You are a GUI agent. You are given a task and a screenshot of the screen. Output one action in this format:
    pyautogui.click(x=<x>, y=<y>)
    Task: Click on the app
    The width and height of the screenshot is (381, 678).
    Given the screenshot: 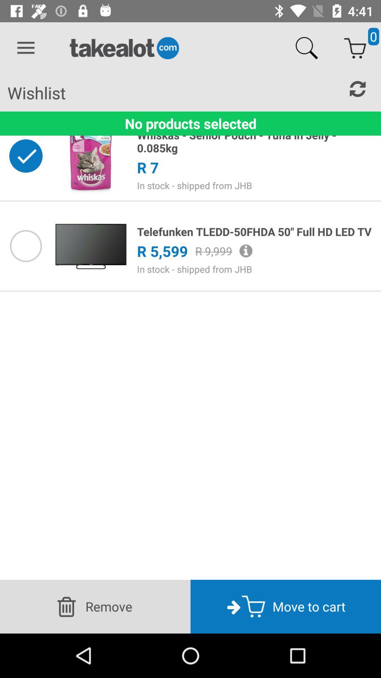 What is the action you would take?
    pyautogui.click(x=25, y=246)
    